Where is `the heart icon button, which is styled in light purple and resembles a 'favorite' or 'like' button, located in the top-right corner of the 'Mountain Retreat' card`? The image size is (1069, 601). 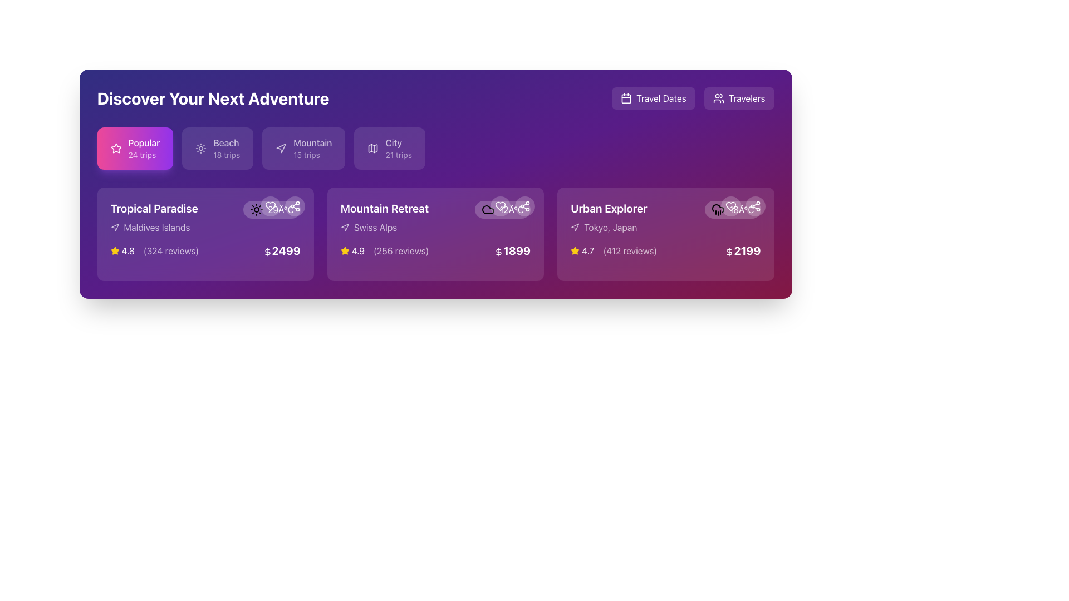
the heart icon button, which is styled in light purple and resembles a 'favorite' or 'like' button, located in the top-right corner of the 'Mountain Retreat' card is located at coordinates (500, 206).